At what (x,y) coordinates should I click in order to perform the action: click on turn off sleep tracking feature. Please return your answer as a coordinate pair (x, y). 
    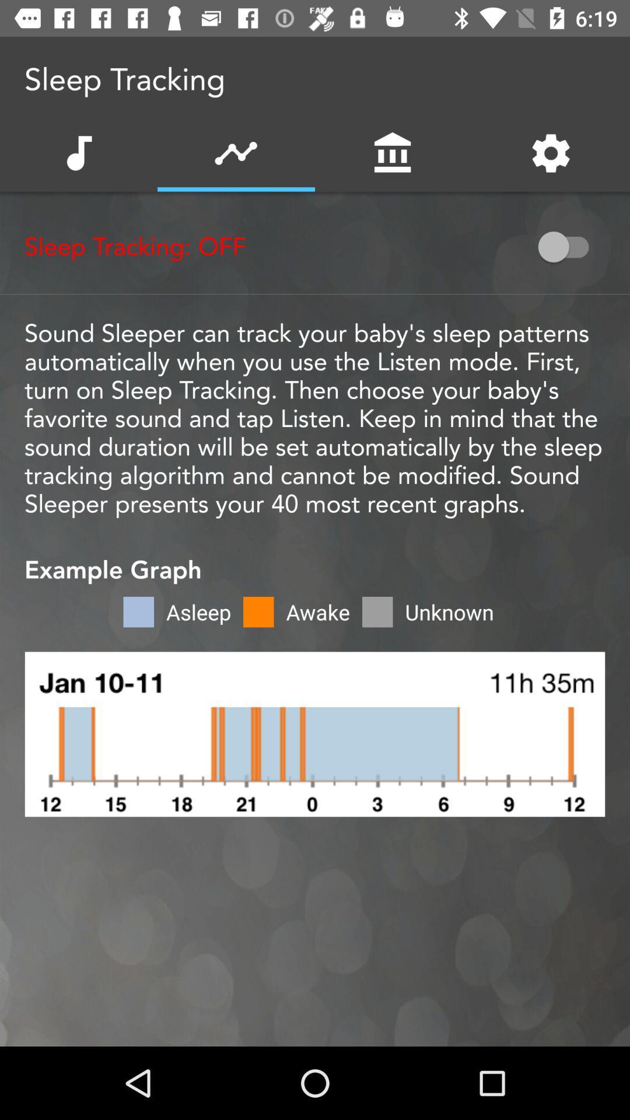
    Looking at the image, I should click on (568, 246).